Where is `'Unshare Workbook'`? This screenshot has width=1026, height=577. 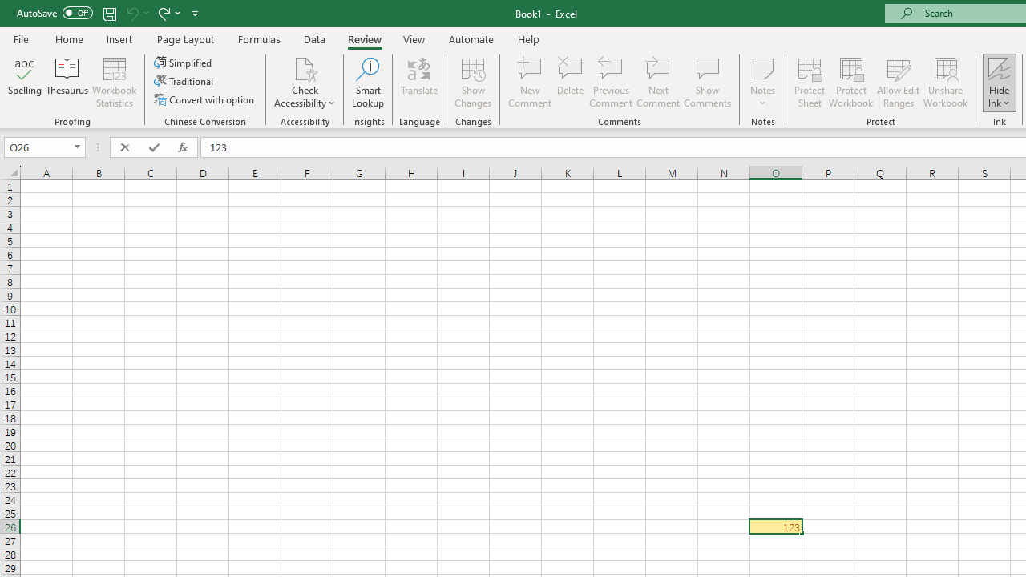
'Unshare Workbook' is located at coordinates (945, 83).